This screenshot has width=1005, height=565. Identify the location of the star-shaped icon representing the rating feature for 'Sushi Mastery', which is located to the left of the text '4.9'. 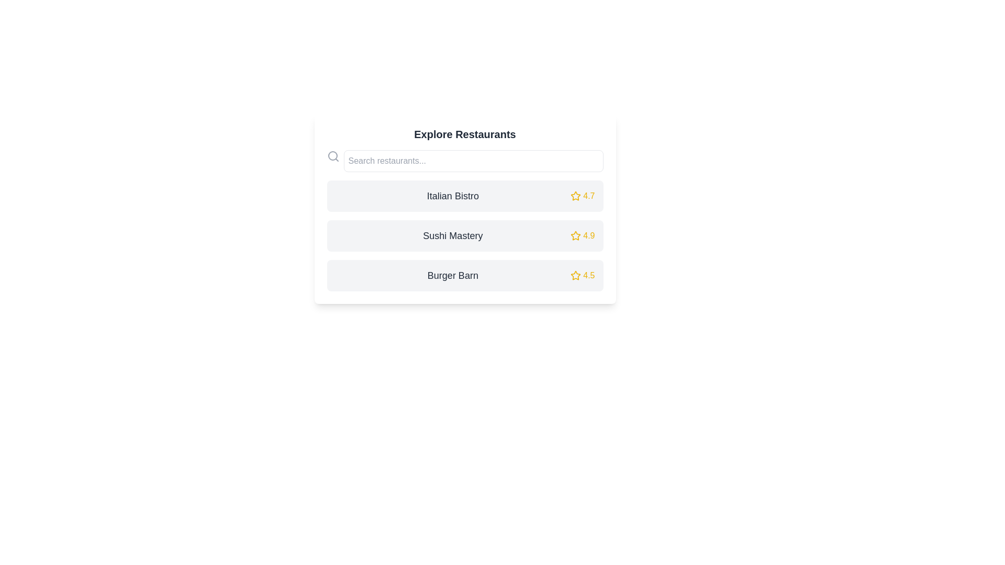
(575, 236).